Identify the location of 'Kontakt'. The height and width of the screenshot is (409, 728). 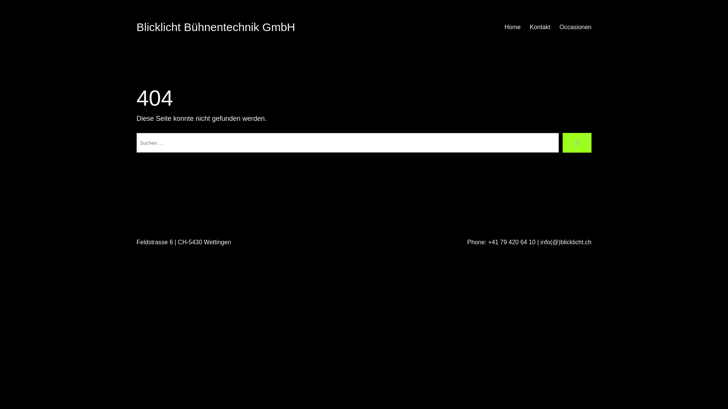
(540, 27).